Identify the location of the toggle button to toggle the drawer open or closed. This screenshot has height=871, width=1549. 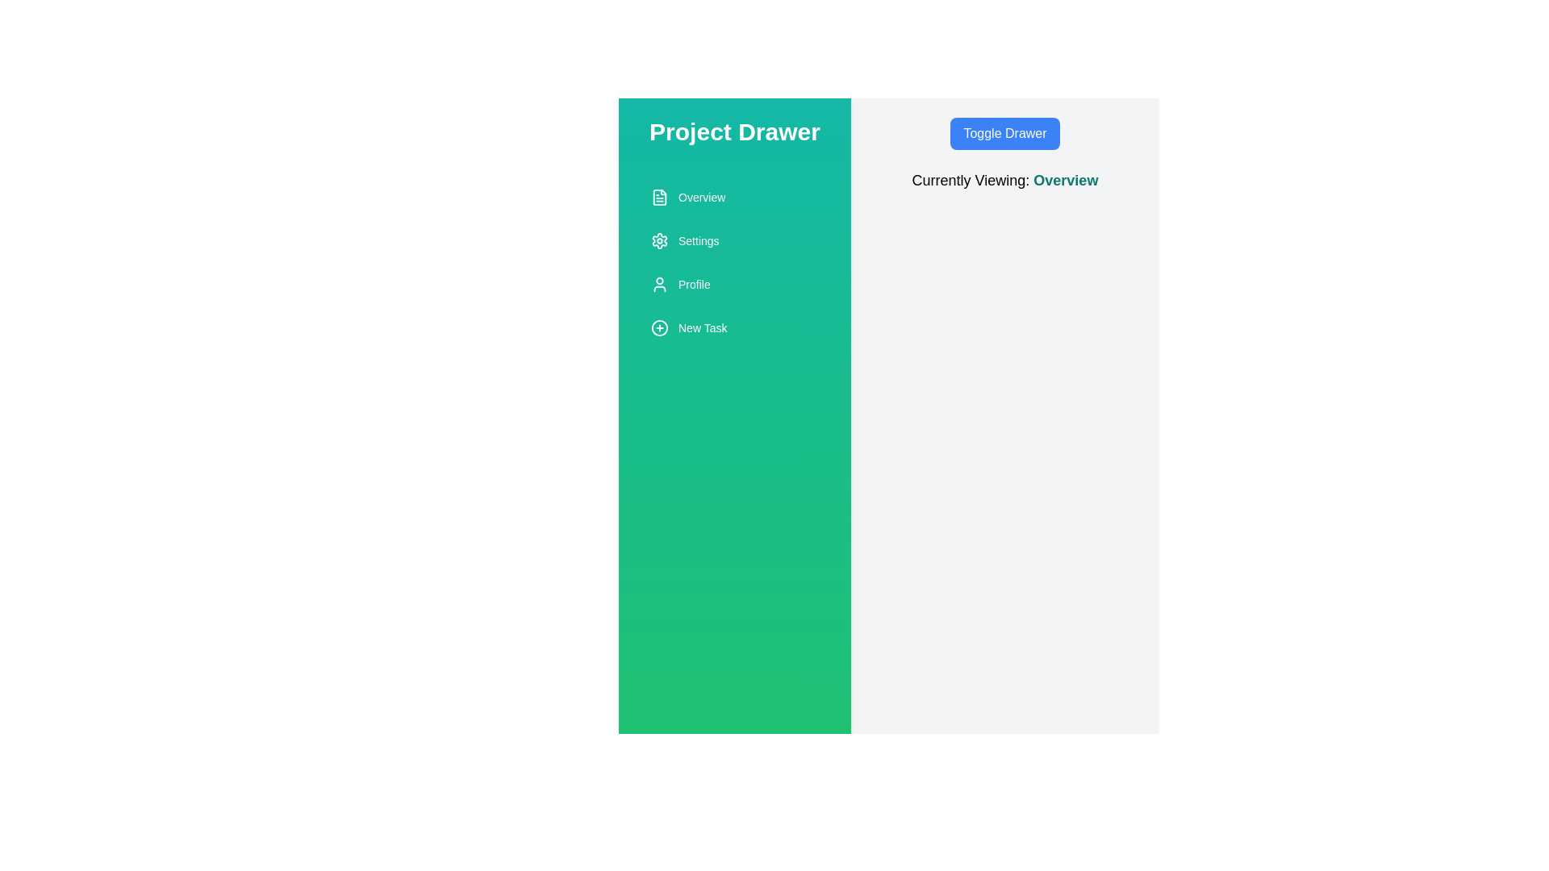
(1004, 132).